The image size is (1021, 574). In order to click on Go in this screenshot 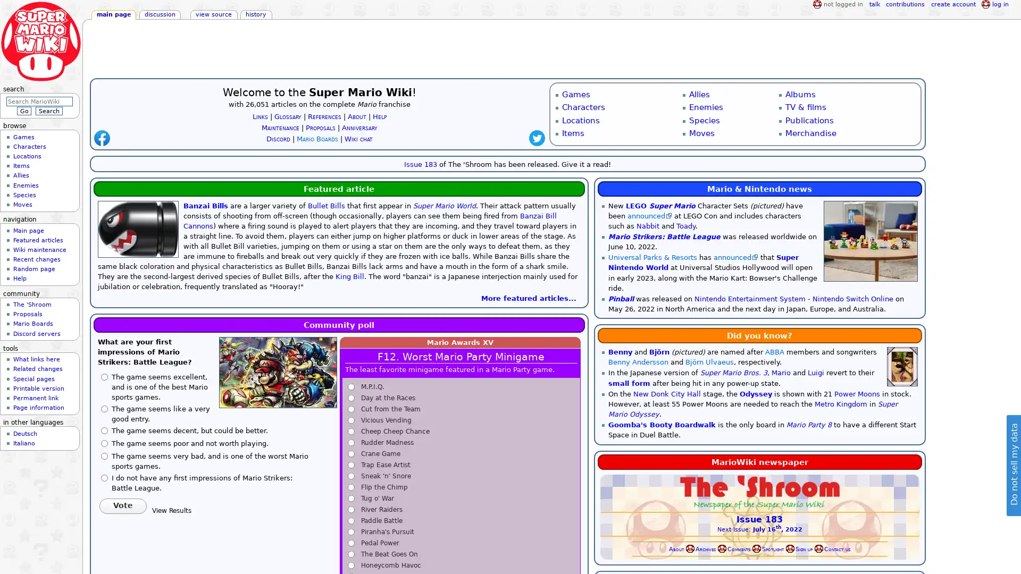, I will do `click(24, 111)`.